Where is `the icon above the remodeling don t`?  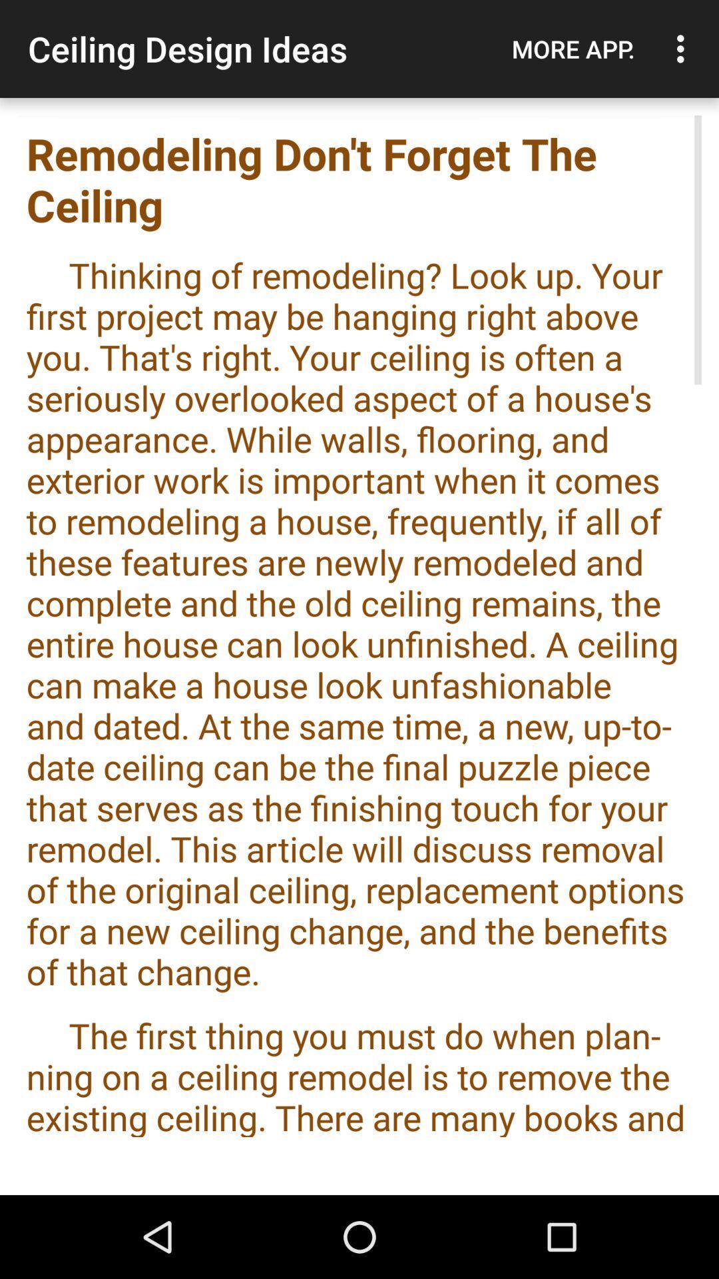 the icon above the remodeling don t is located at coordinates (573, 49).